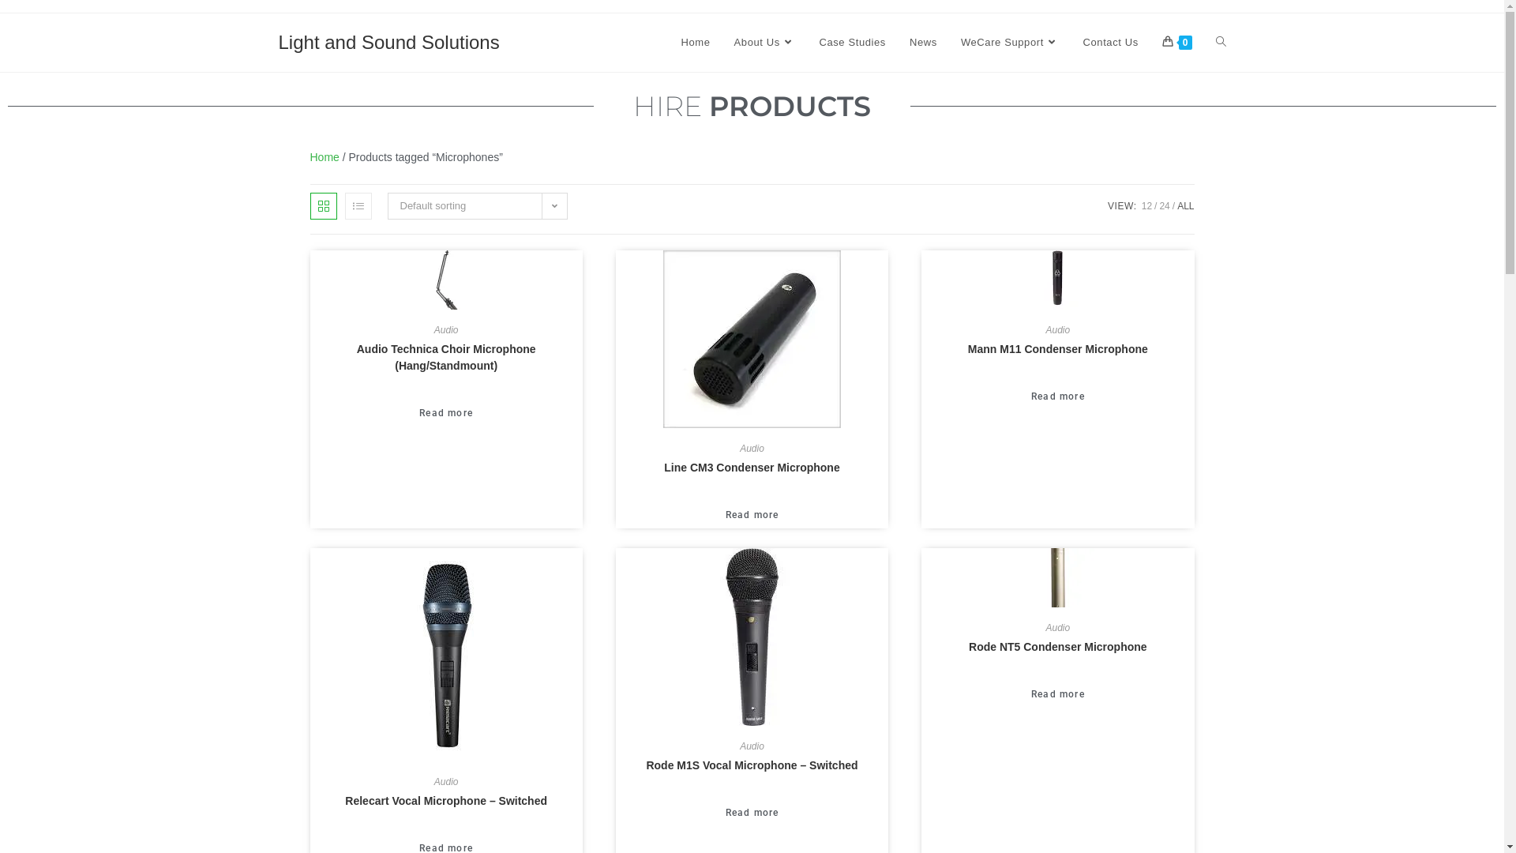  Describe the element at coordinates (851, 42) in the screenshot. I see `'Case Studies'` at that location.